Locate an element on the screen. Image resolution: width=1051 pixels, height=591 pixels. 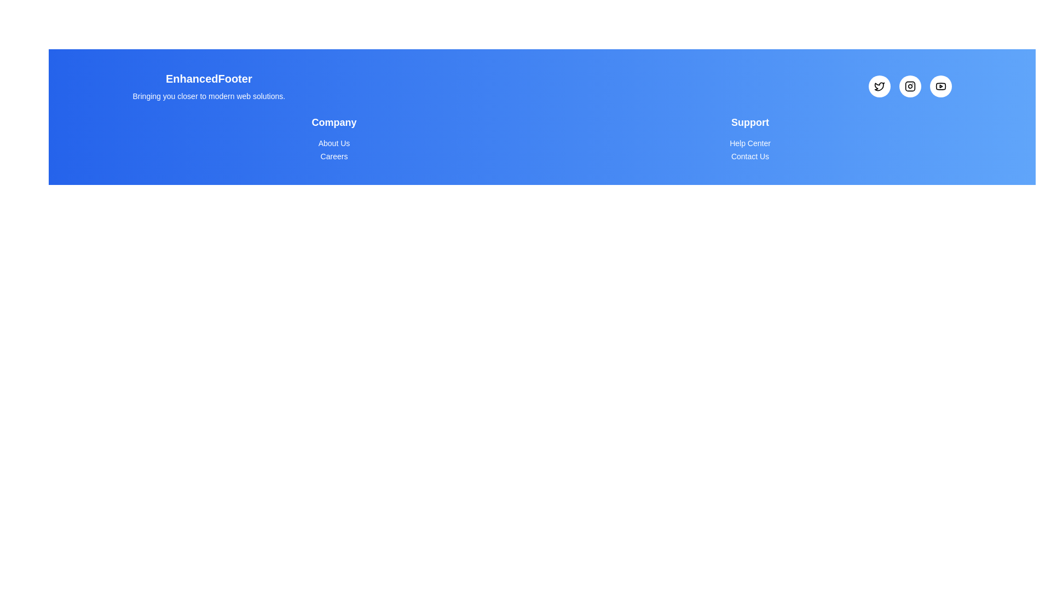
the Twitter icon, which is the second icon in a horizontal group of social media icons located is located at coordinates (879, 86).